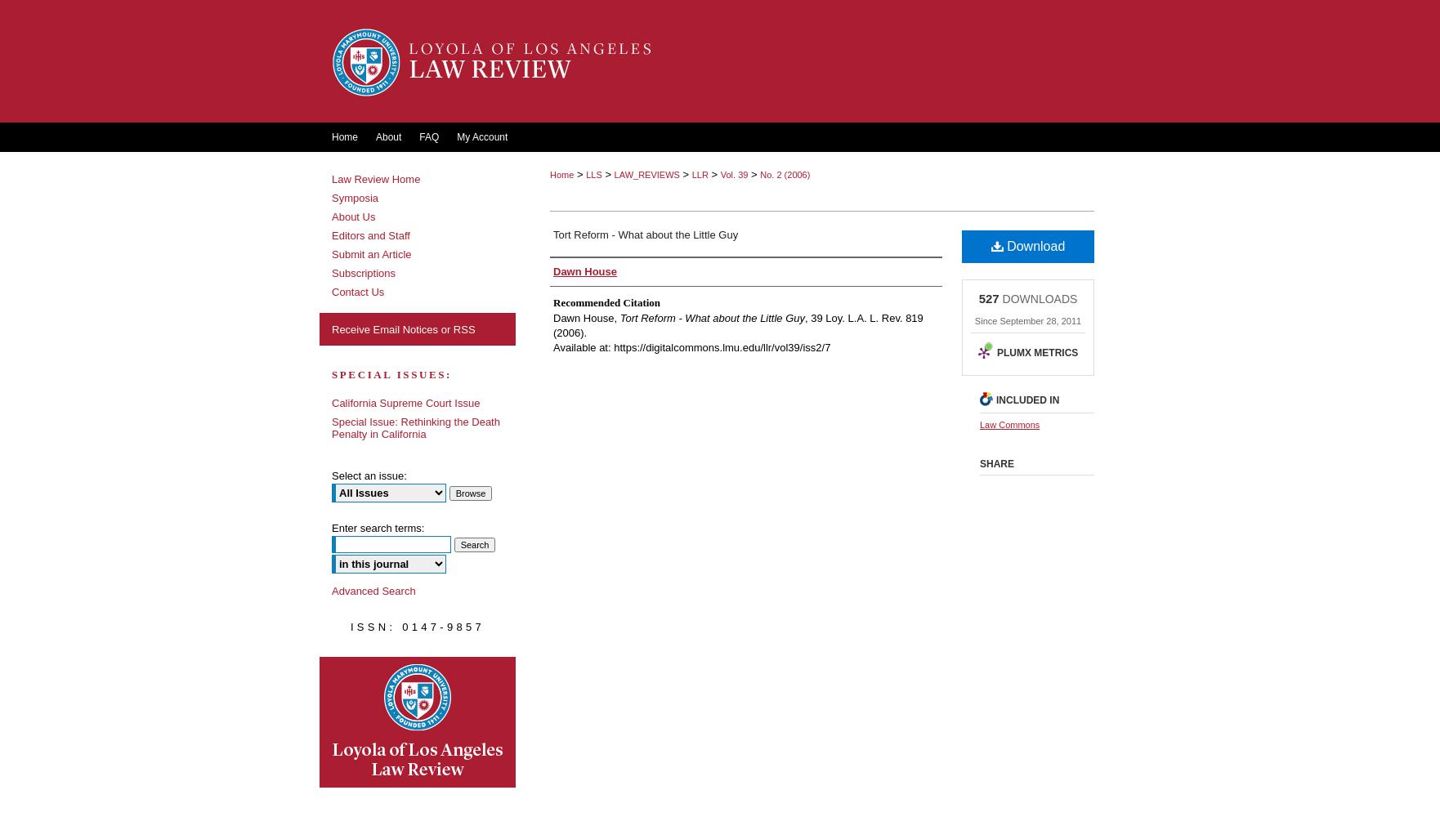  What do you see at coordinates (759, 174) in the screenshot?
I see `'No. 2 (2006)'` at bounding box center [759, 174].